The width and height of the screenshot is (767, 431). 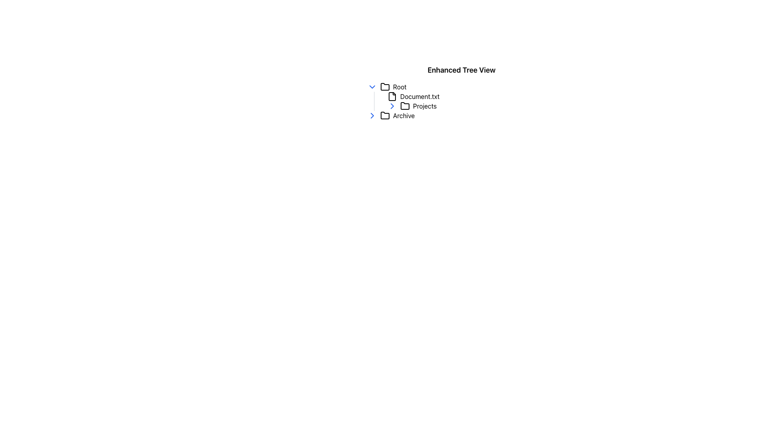 What do you see at coordinates (385, 115) in the screenshot?
I see `the folder icon in the hierarchical tree view preceding the 'Archive' label` at bounding box center [385, 115].